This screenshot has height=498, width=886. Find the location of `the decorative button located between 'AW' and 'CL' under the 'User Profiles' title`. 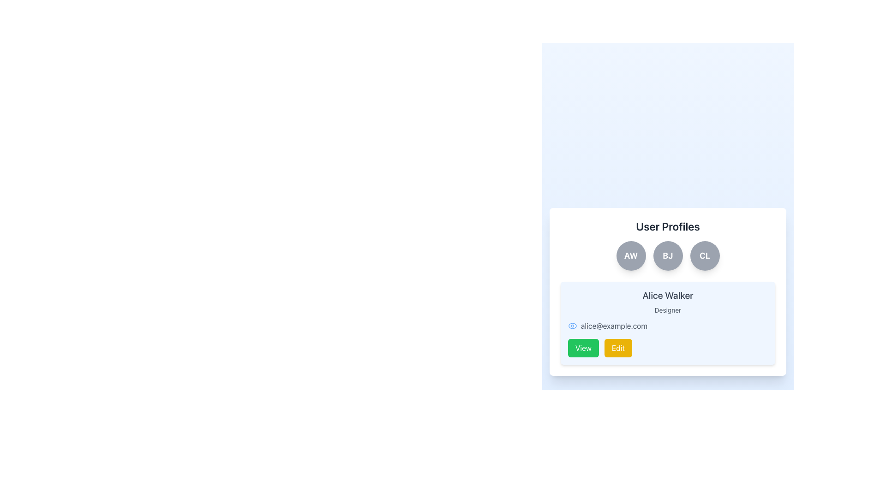

the decorative button located between 'AW' and 'CL' under the 'User Profiles' title is located at coordinates (668, 256).